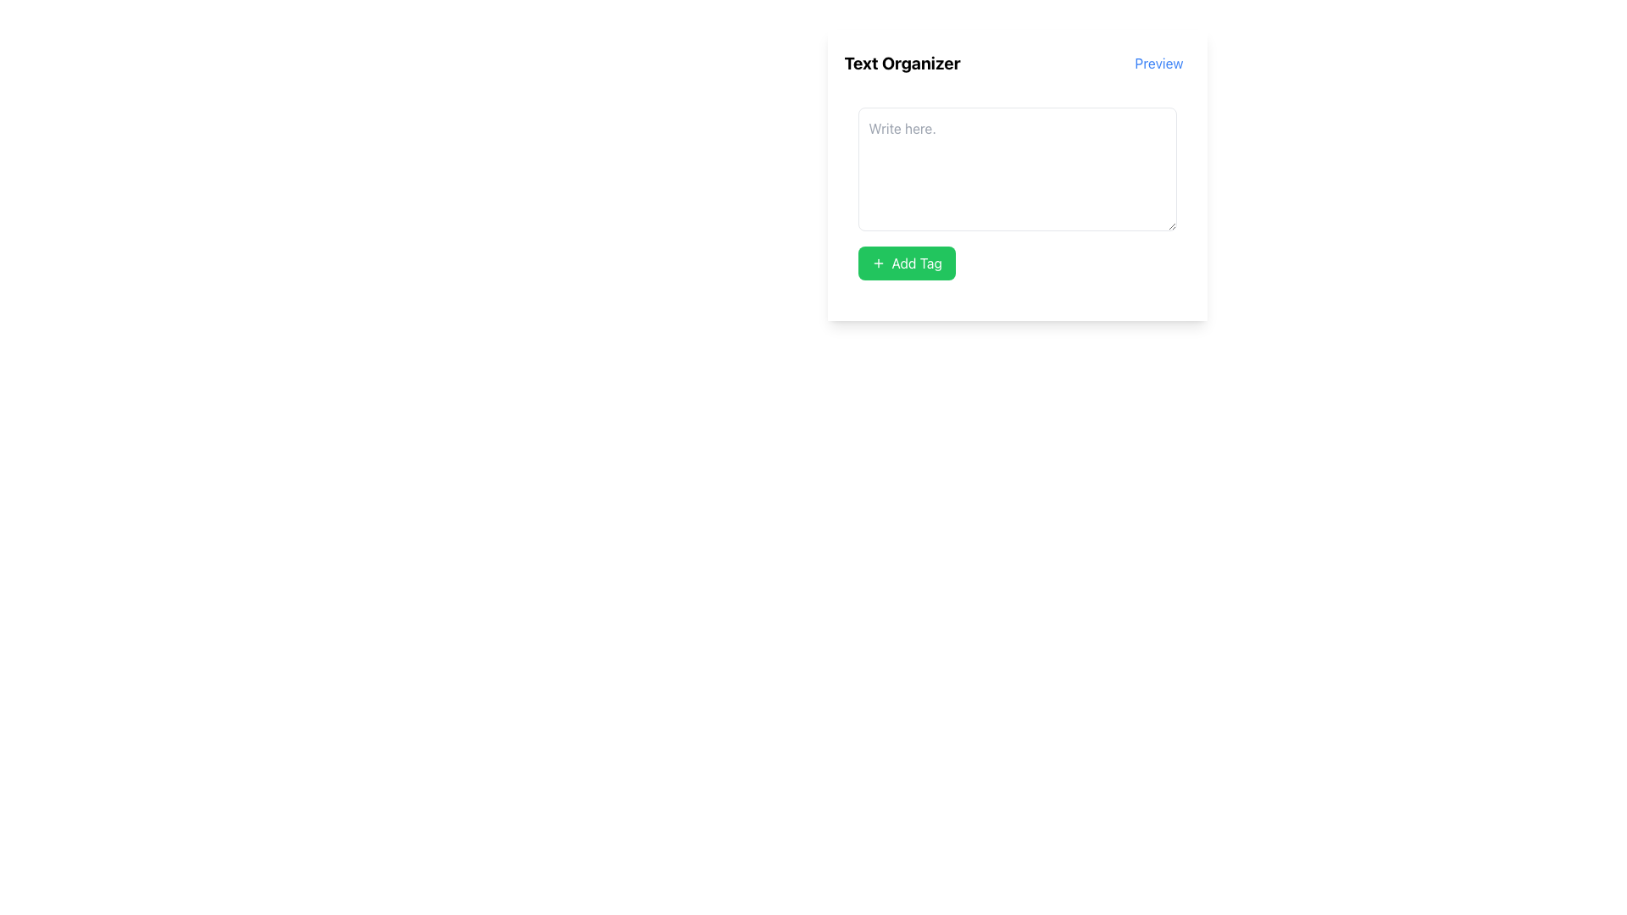 Image resolution: width=1627 pixels, height=915 pixels. What do you see at coordinates (1017, 263) in the screenshot?
I see `the green 'Add Tag' button with rounded corners` at bounding box center [1017, 263].